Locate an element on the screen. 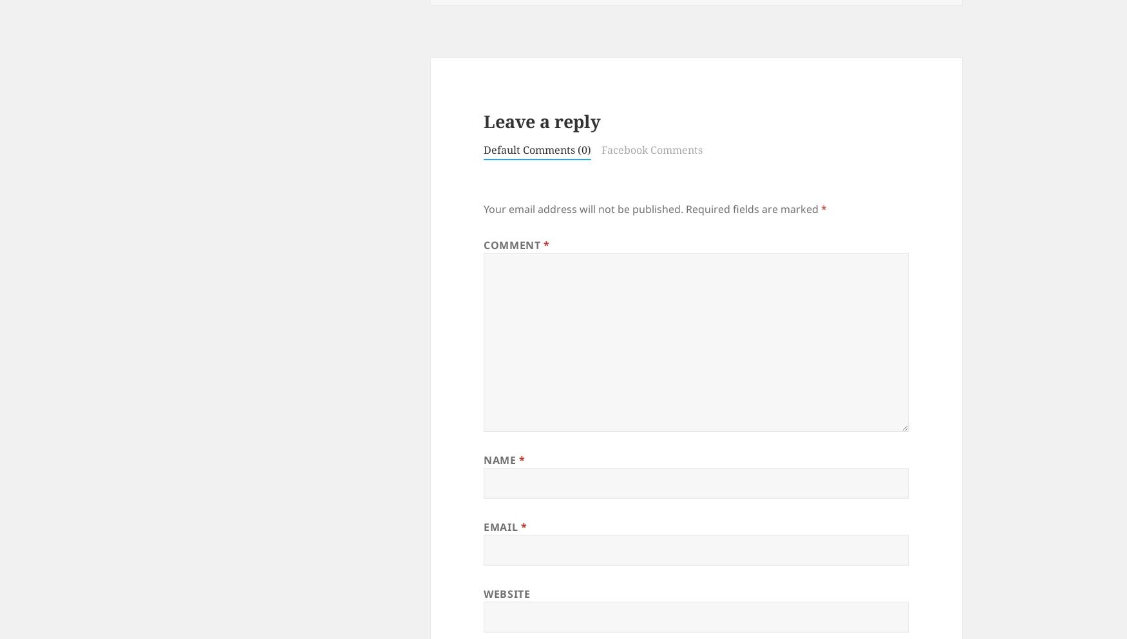 The image size is (1127, 639). 'Comment' is located at coordinates (513, 245).